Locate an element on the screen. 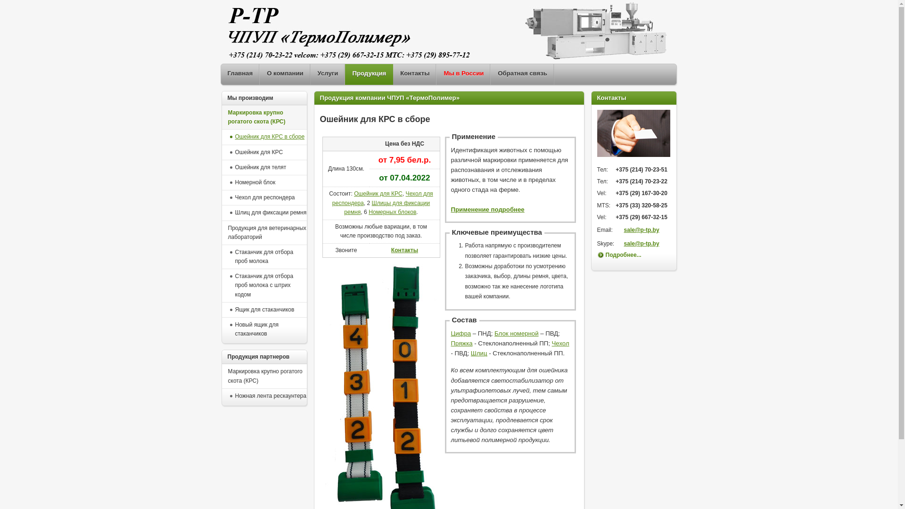 The width and height of the screenshot is (905, 509). 'sale@p-tp.by' is located at coordinates (624, 230).